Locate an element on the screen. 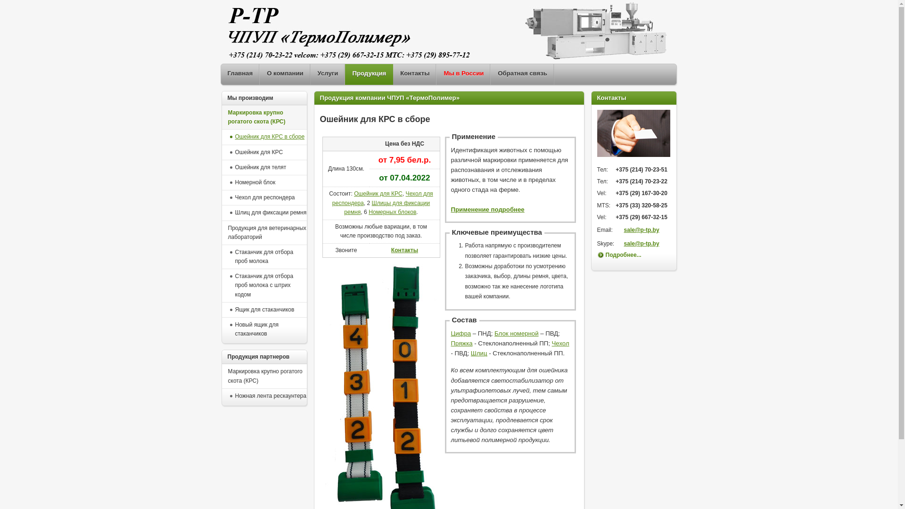 The width and height of the screenshot is (905, 509). 'sale@p-tp.by' is located at coordinates (624, 230).